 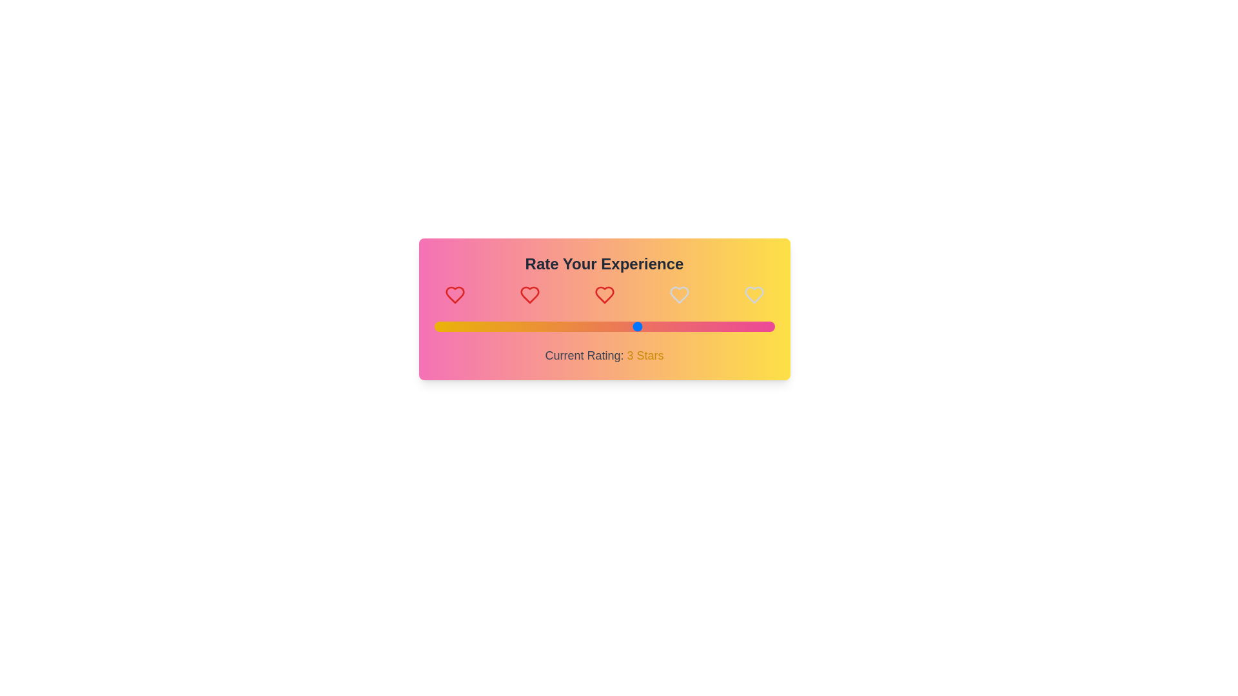 I want to click on the heart icon corresponding to the desired rating 2, so click(x=529, y=295).